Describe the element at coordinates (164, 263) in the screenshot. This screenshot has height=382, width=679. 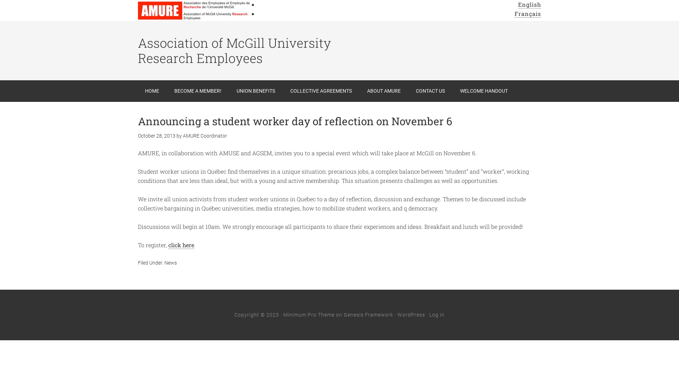
I see `'News'` at that location.